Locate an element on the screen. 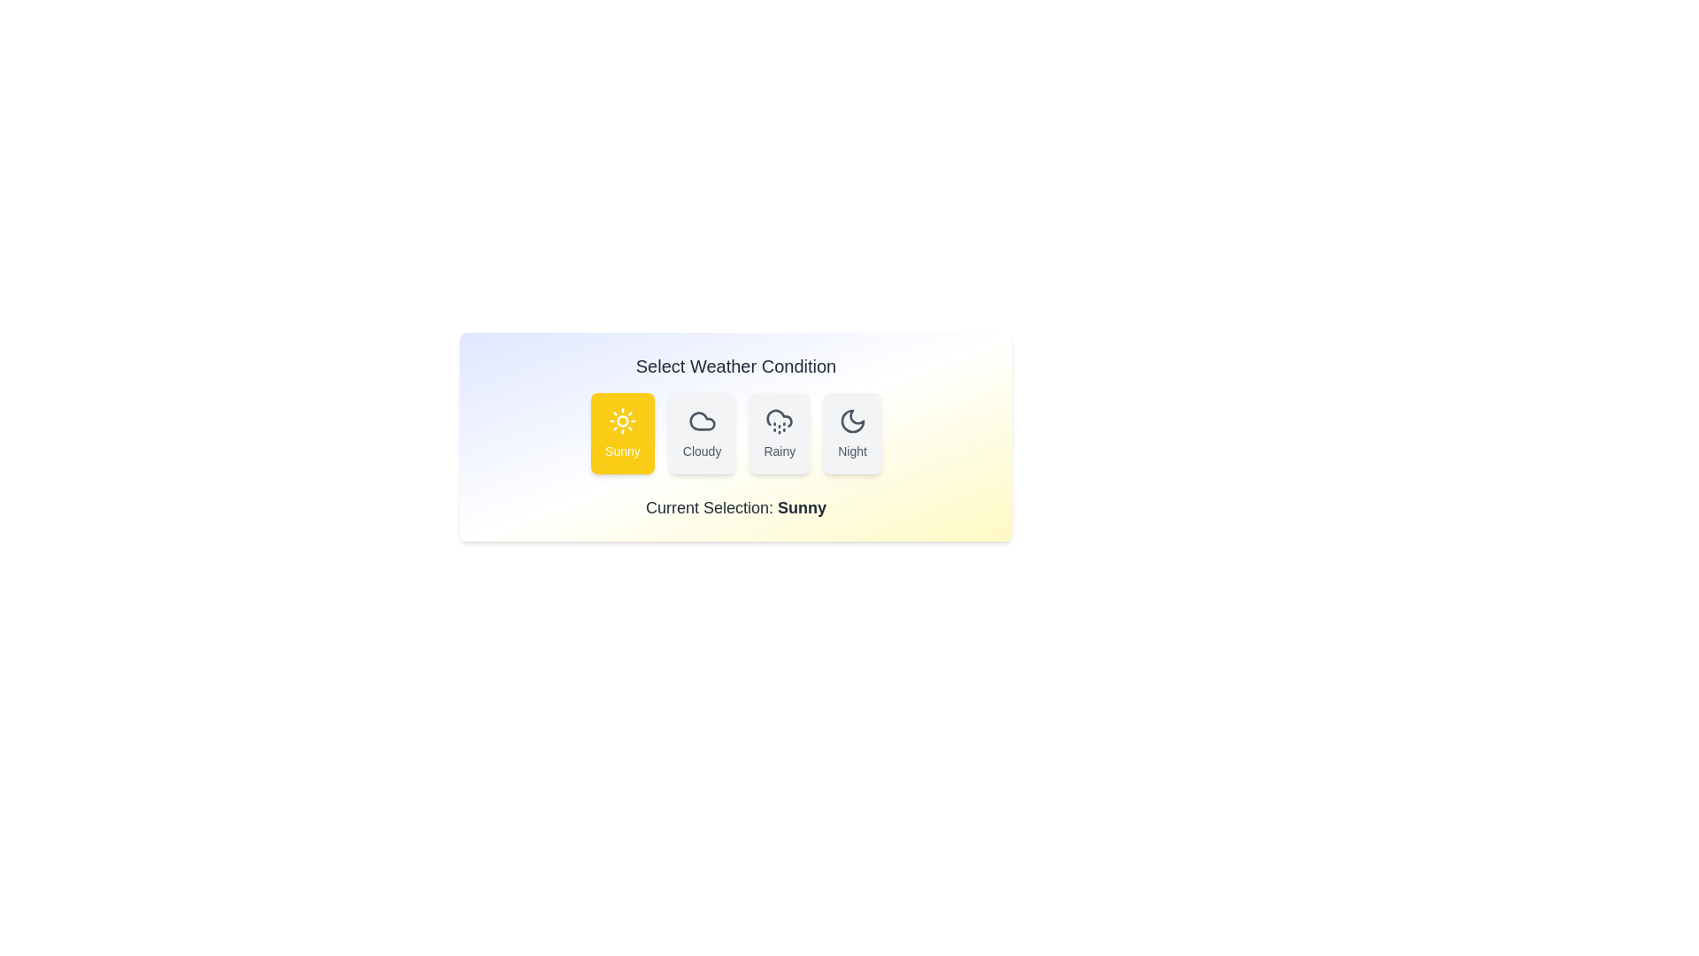 This screenshot has height=956, width=1699. the weather condition by clicking on the corresponding button labeled Night is located at coordinates (852, 433).